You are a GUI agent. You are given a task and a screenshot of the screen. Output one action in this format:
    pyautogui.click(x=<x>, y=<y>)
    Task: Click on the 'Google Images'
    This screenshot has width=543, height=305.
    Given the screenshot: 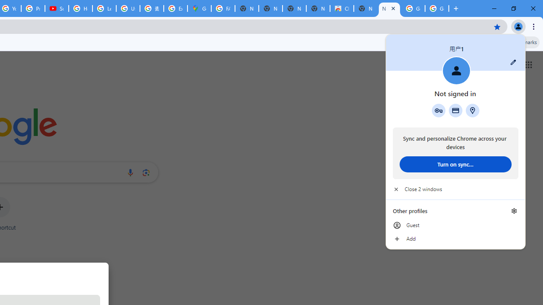 What is the action you would take?
    pyautogui.click(x=413, y=8)
    